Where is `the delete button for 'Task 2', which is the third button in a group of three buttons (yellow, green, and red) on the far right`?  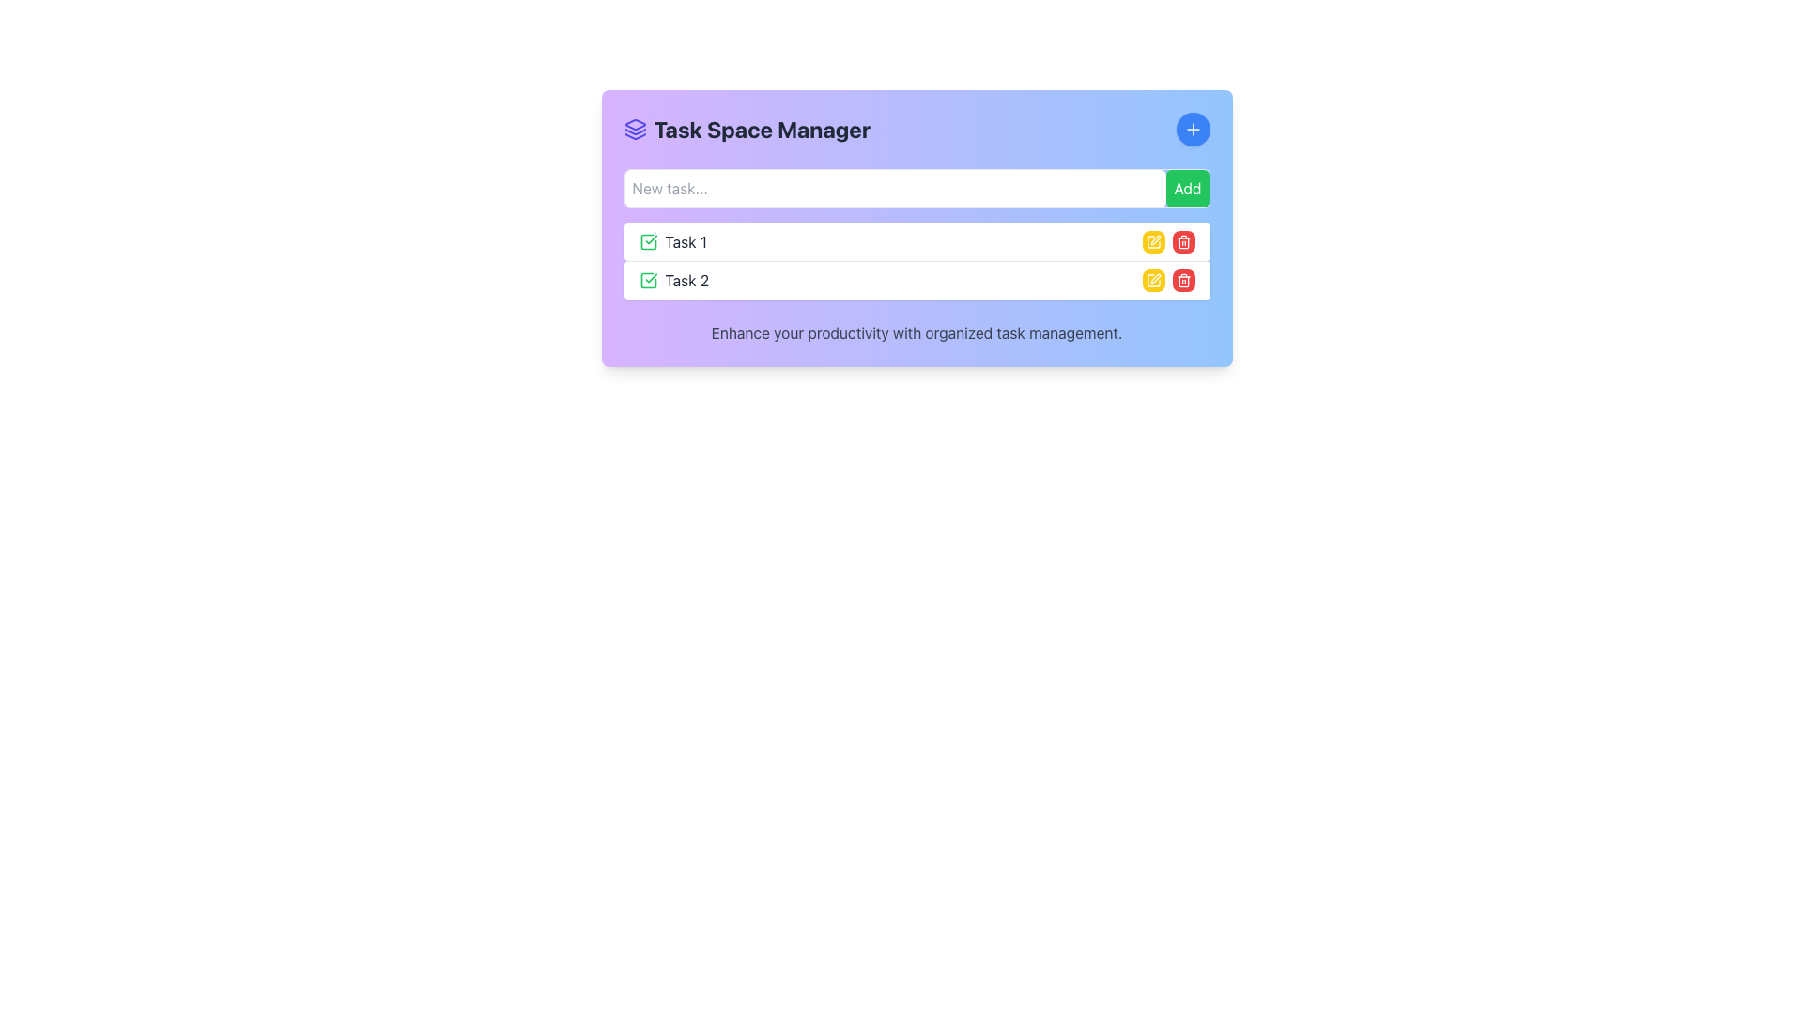
the delete button for 'Task 2', which is the third button in a group of three buttons (yellow, green, and red) on the far right is located at coordinates (1182, 241).